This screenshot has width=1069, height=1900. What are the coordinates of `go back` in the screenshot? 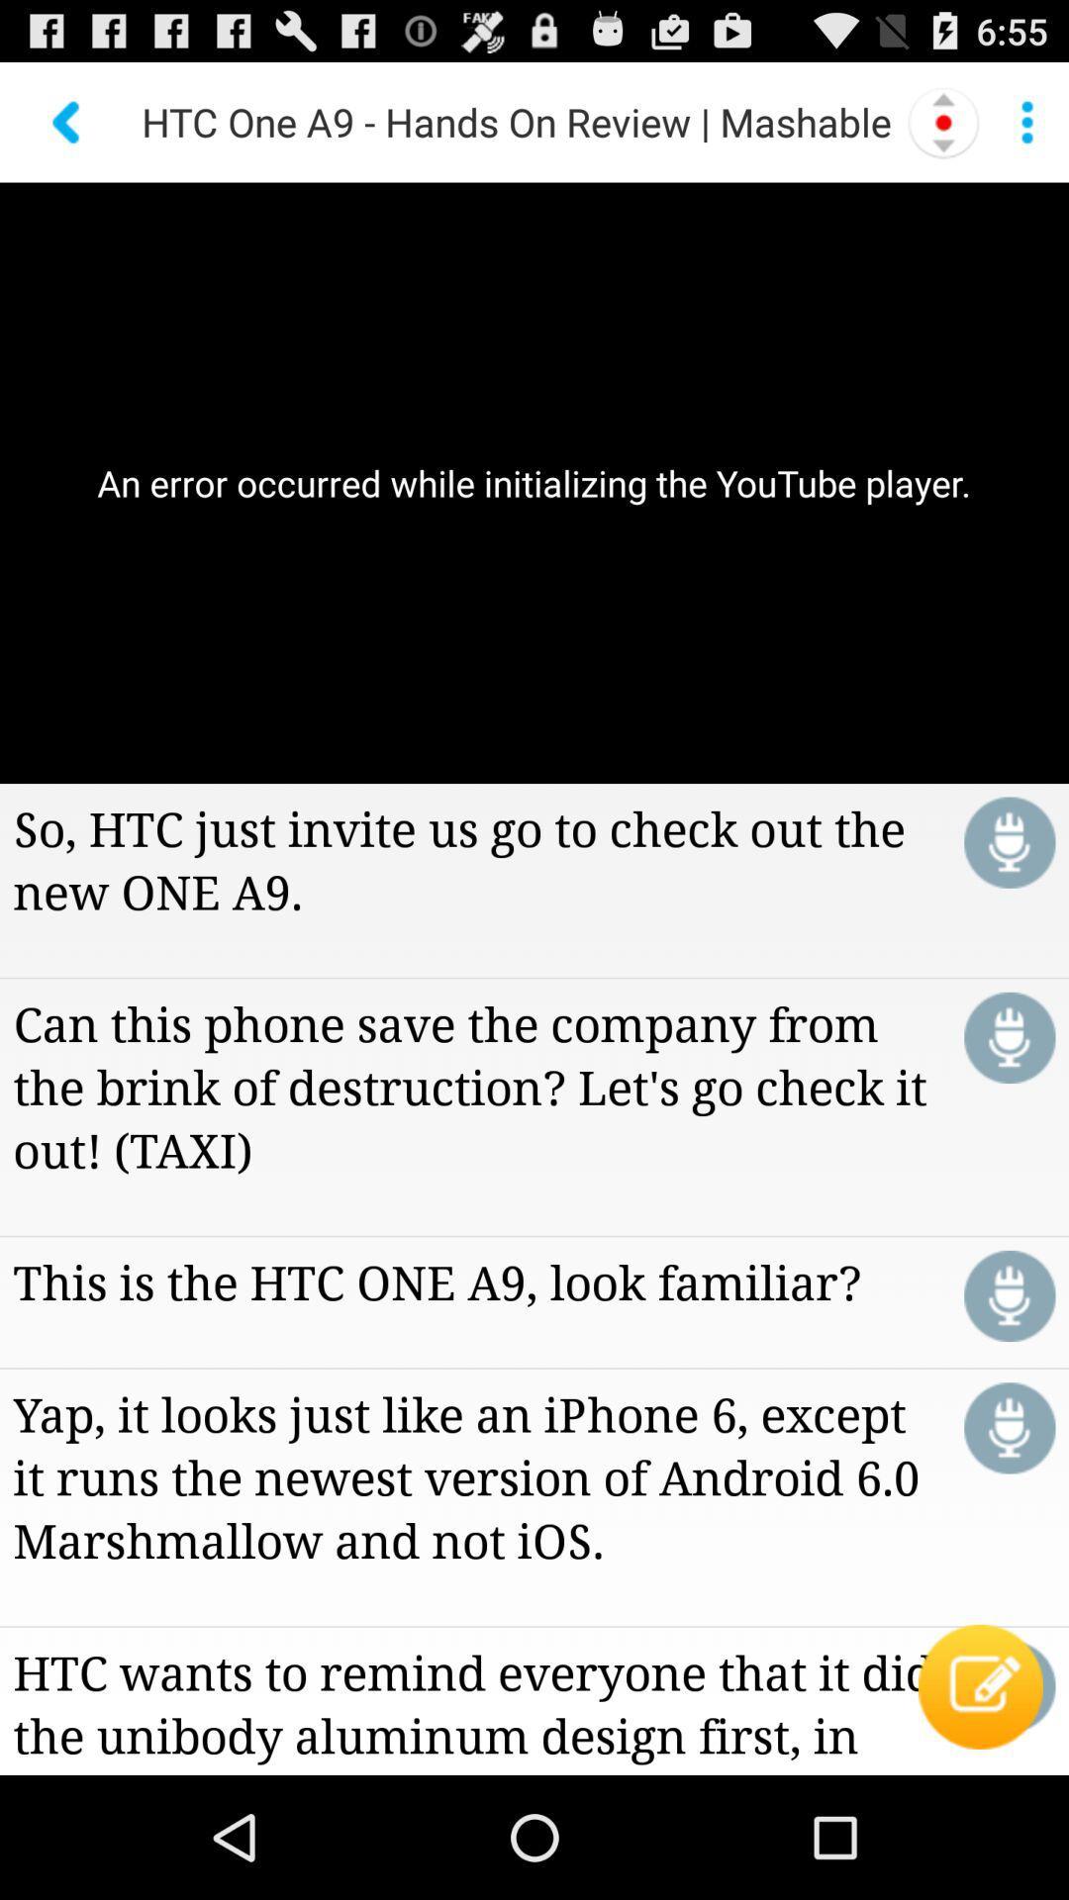 It's located at (67, 121).